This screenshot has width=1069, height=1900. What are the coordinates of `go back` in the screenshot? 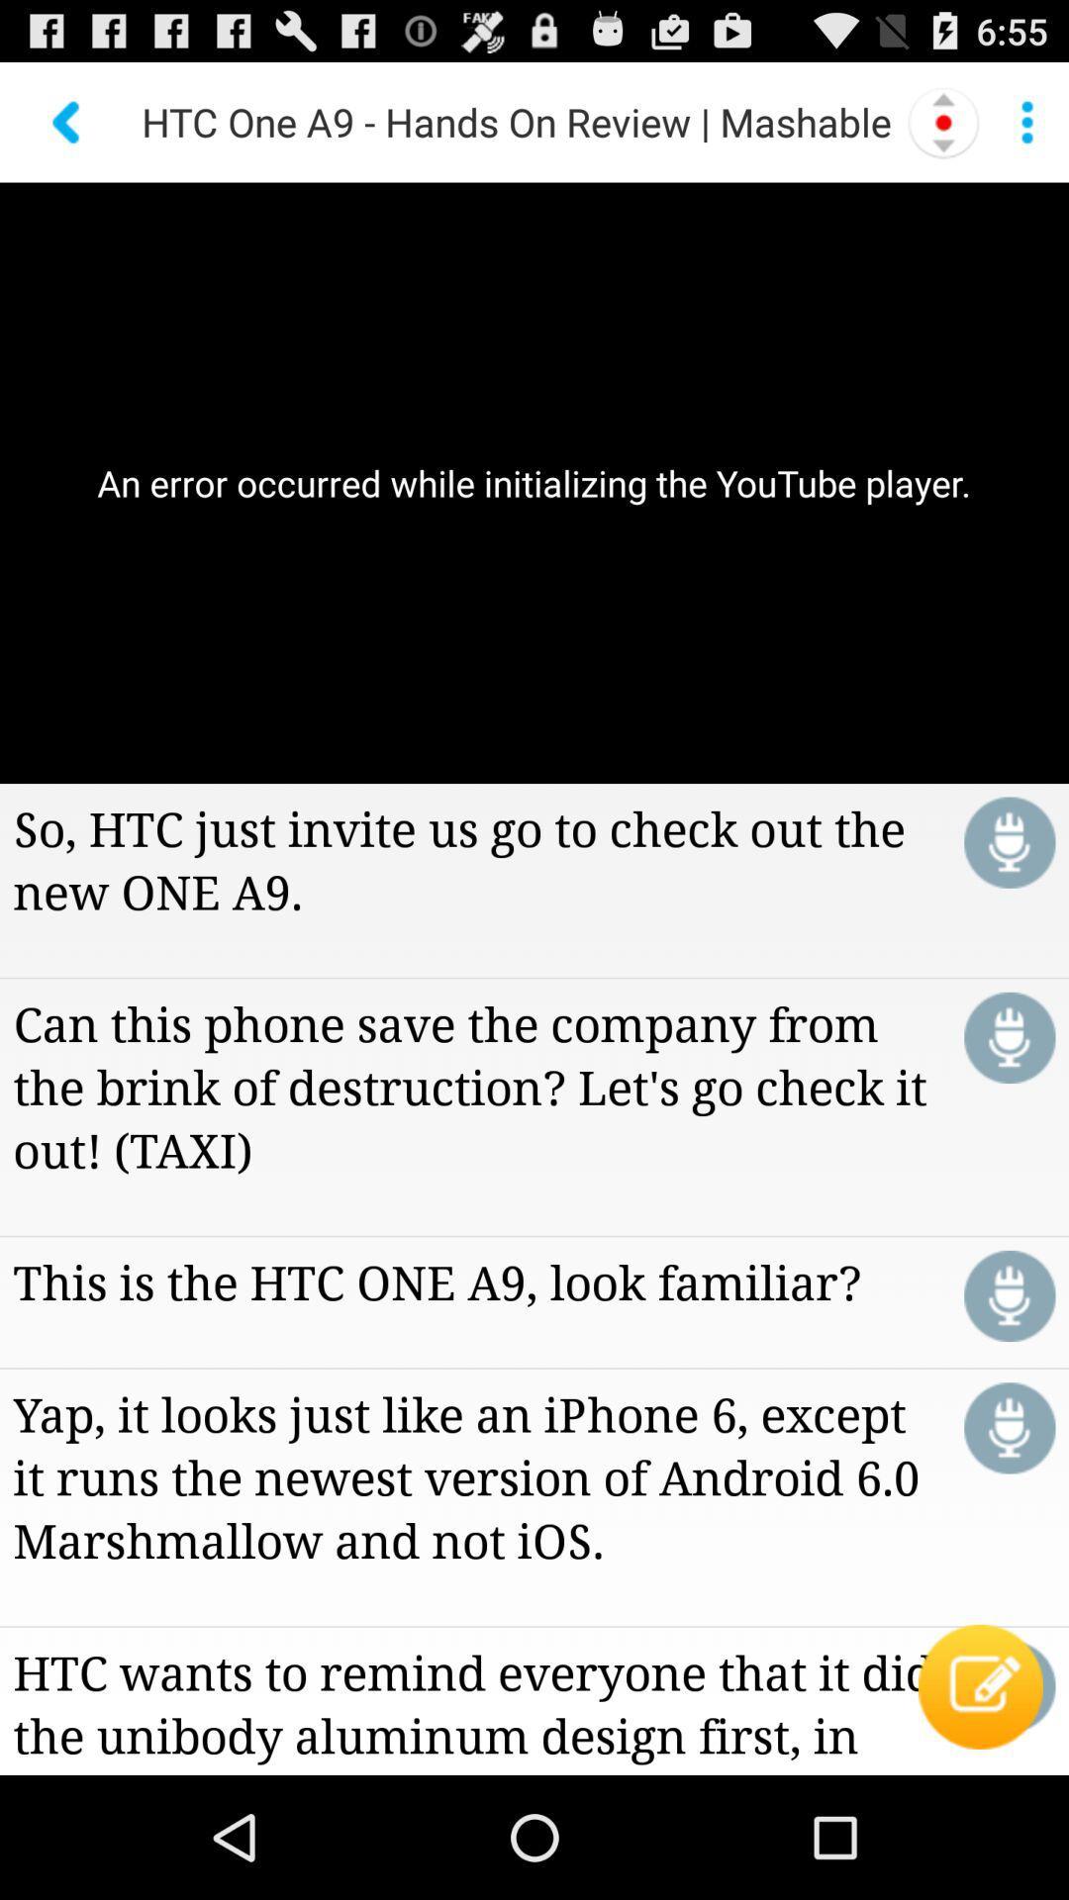 It's located at (67, 121).